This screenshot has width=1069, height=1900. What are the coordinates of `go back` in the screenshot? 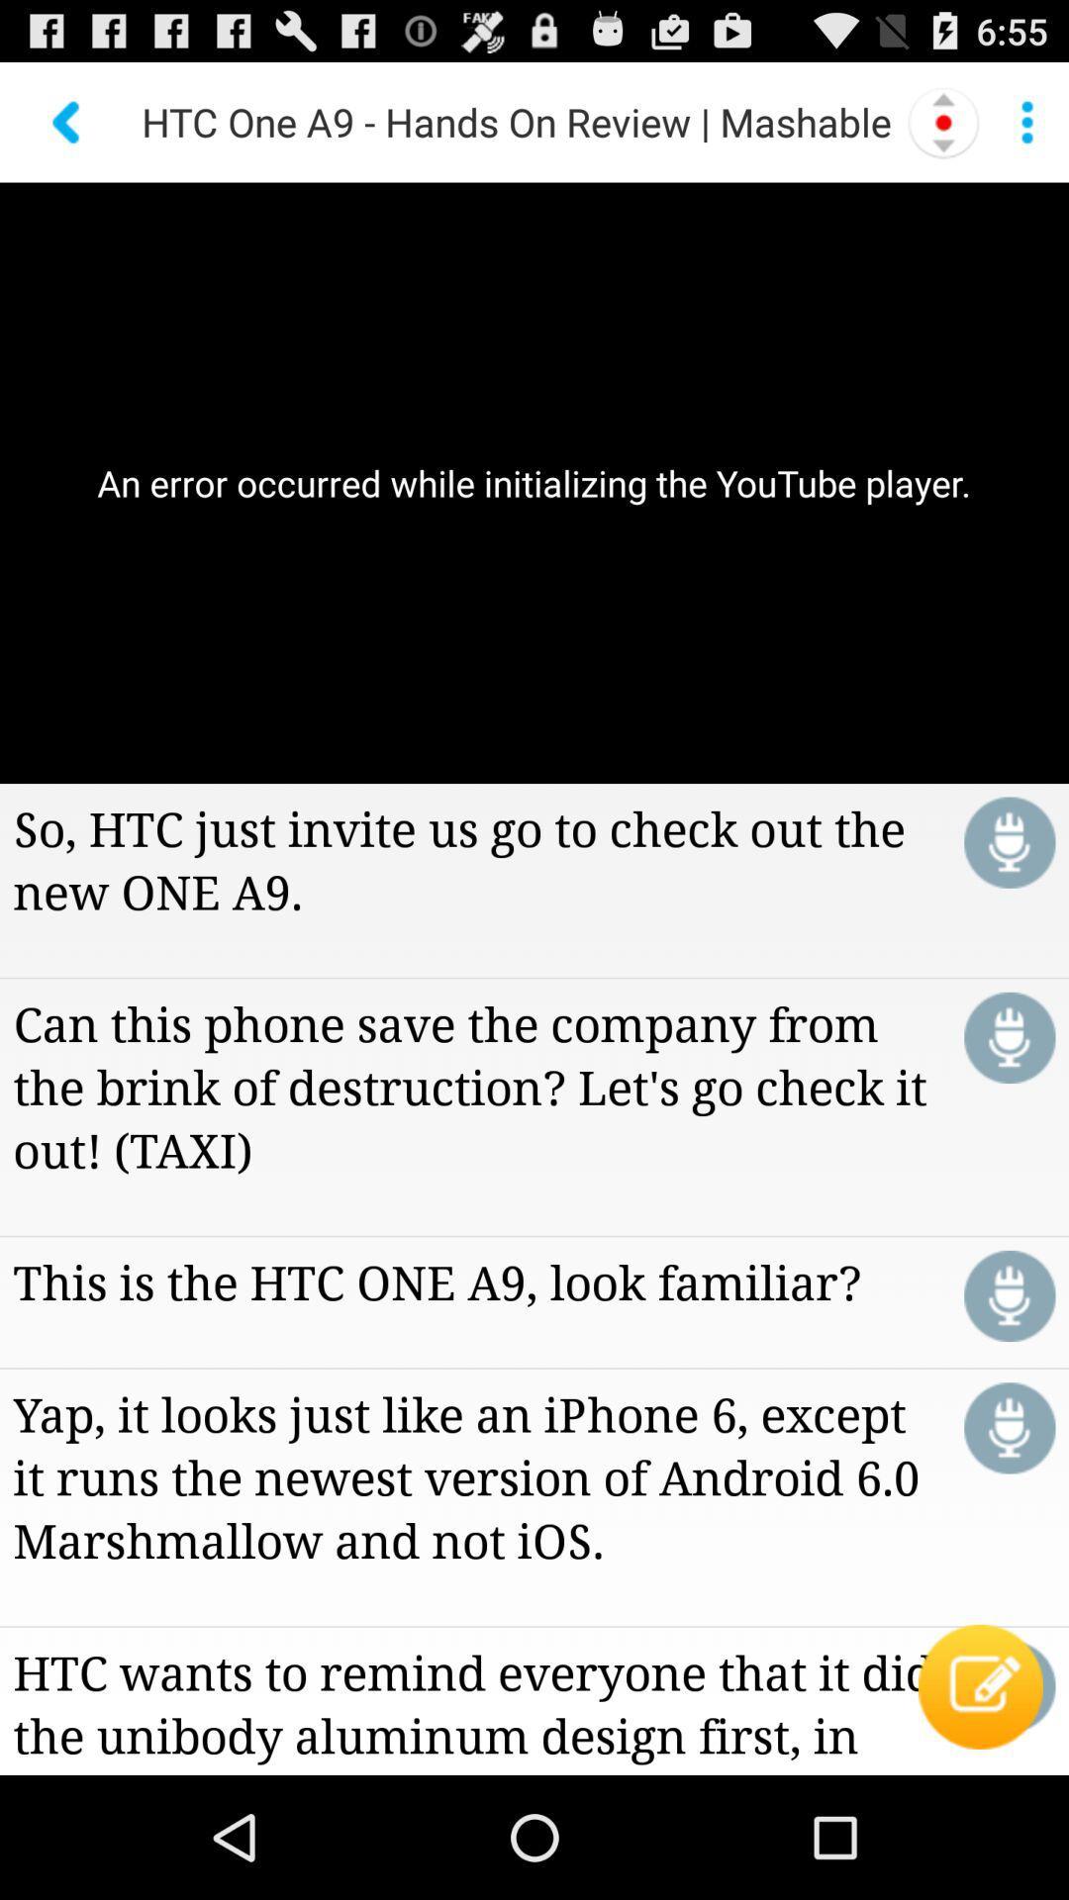 It's located at (67, 121).